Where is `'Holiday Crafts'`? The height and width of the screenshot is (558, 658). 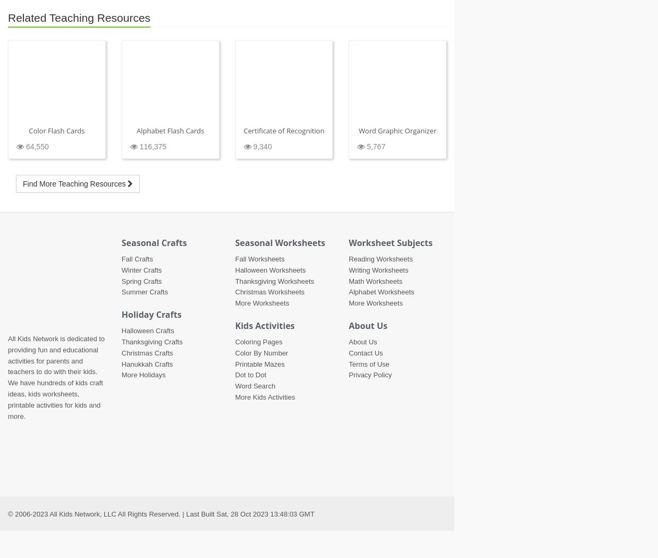 'Holiday Crafts' is located at coordinates (150, 314).